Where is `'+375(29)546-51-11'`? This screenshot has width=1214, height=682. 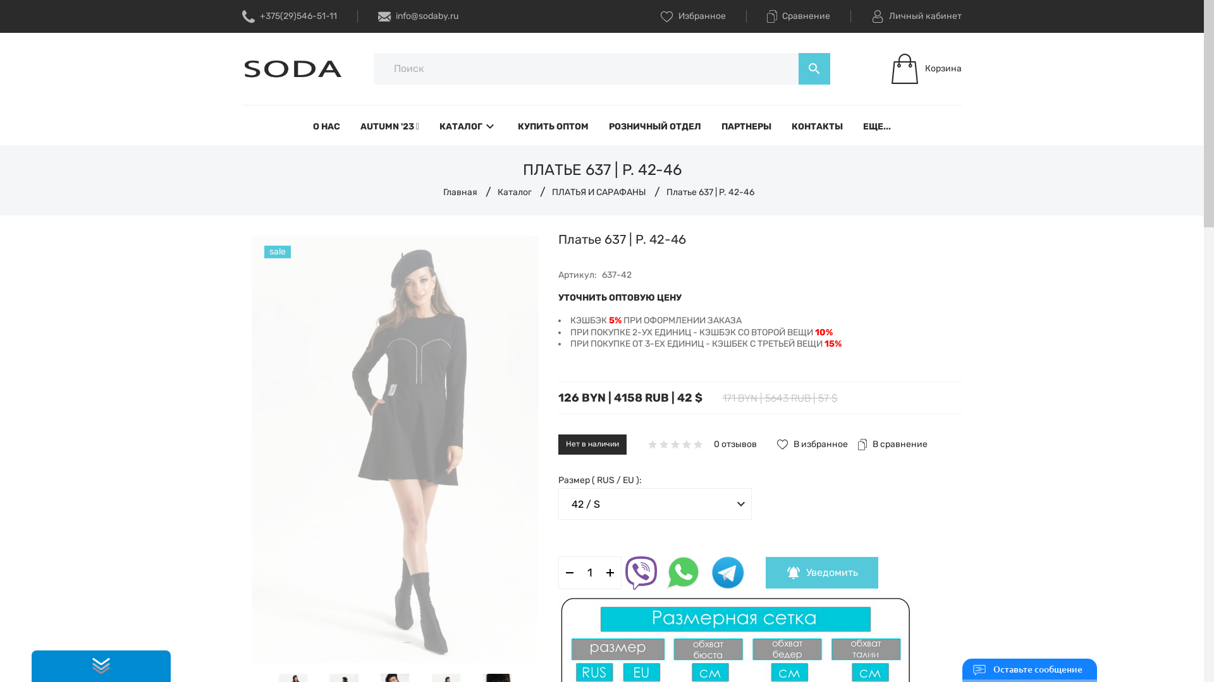
'+375(29)546-51-11' is located at coordinates (242, 16).